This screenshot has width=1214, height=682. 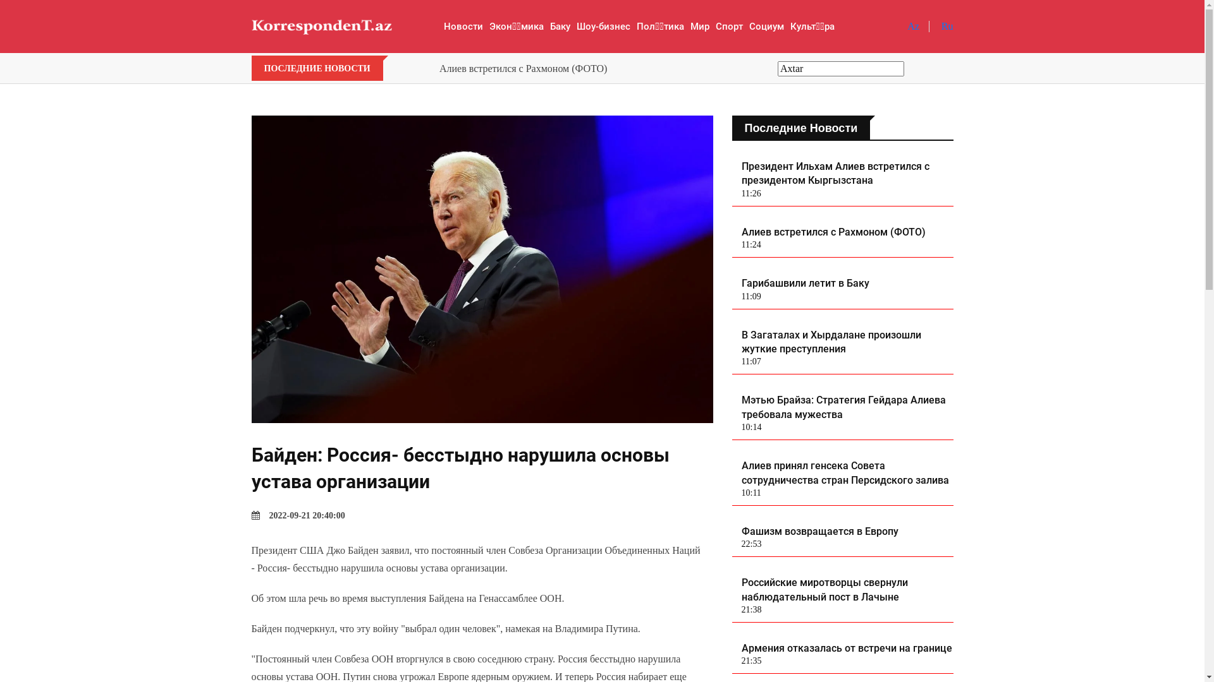 What do you see at coordinates (941, 26) in the screenshot?
I see `'Ru'` at bounding box center [941, 26].